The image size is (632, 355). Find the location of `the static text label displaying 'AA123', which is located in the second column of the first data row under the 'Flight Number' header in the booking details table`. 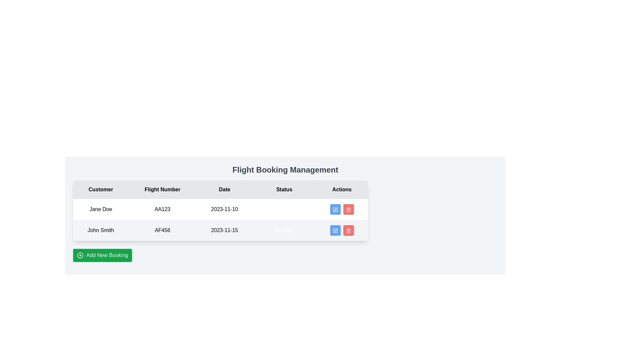

the static text label displaying 'AA123', which is located in the second column of the first data row under the 'Flight Number' header in the booking details table is located at coordinates (162, 209).